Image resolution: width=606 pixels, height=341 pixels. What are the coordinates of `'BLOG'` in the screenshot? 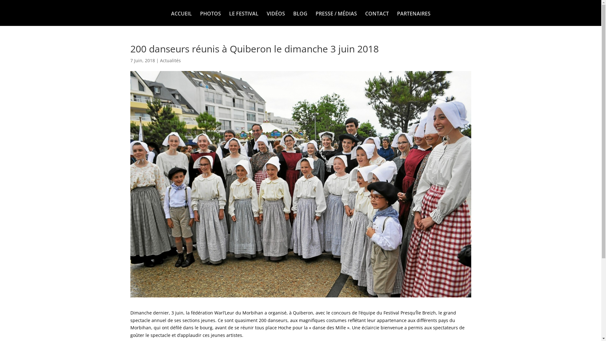 It's located at (300, 18).